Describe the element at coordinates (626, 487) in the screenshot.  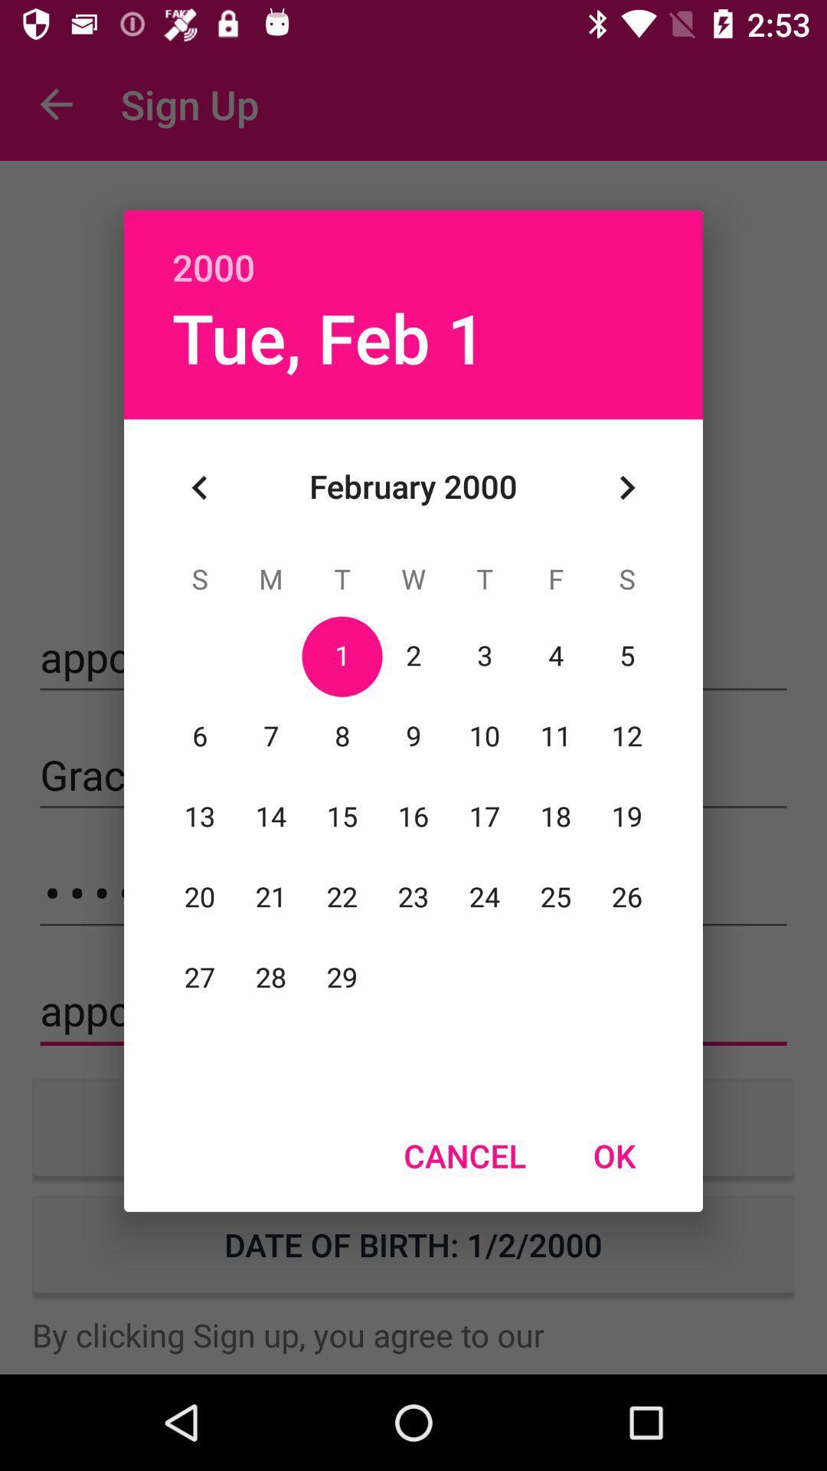
I see `item above ok icon` at that location.